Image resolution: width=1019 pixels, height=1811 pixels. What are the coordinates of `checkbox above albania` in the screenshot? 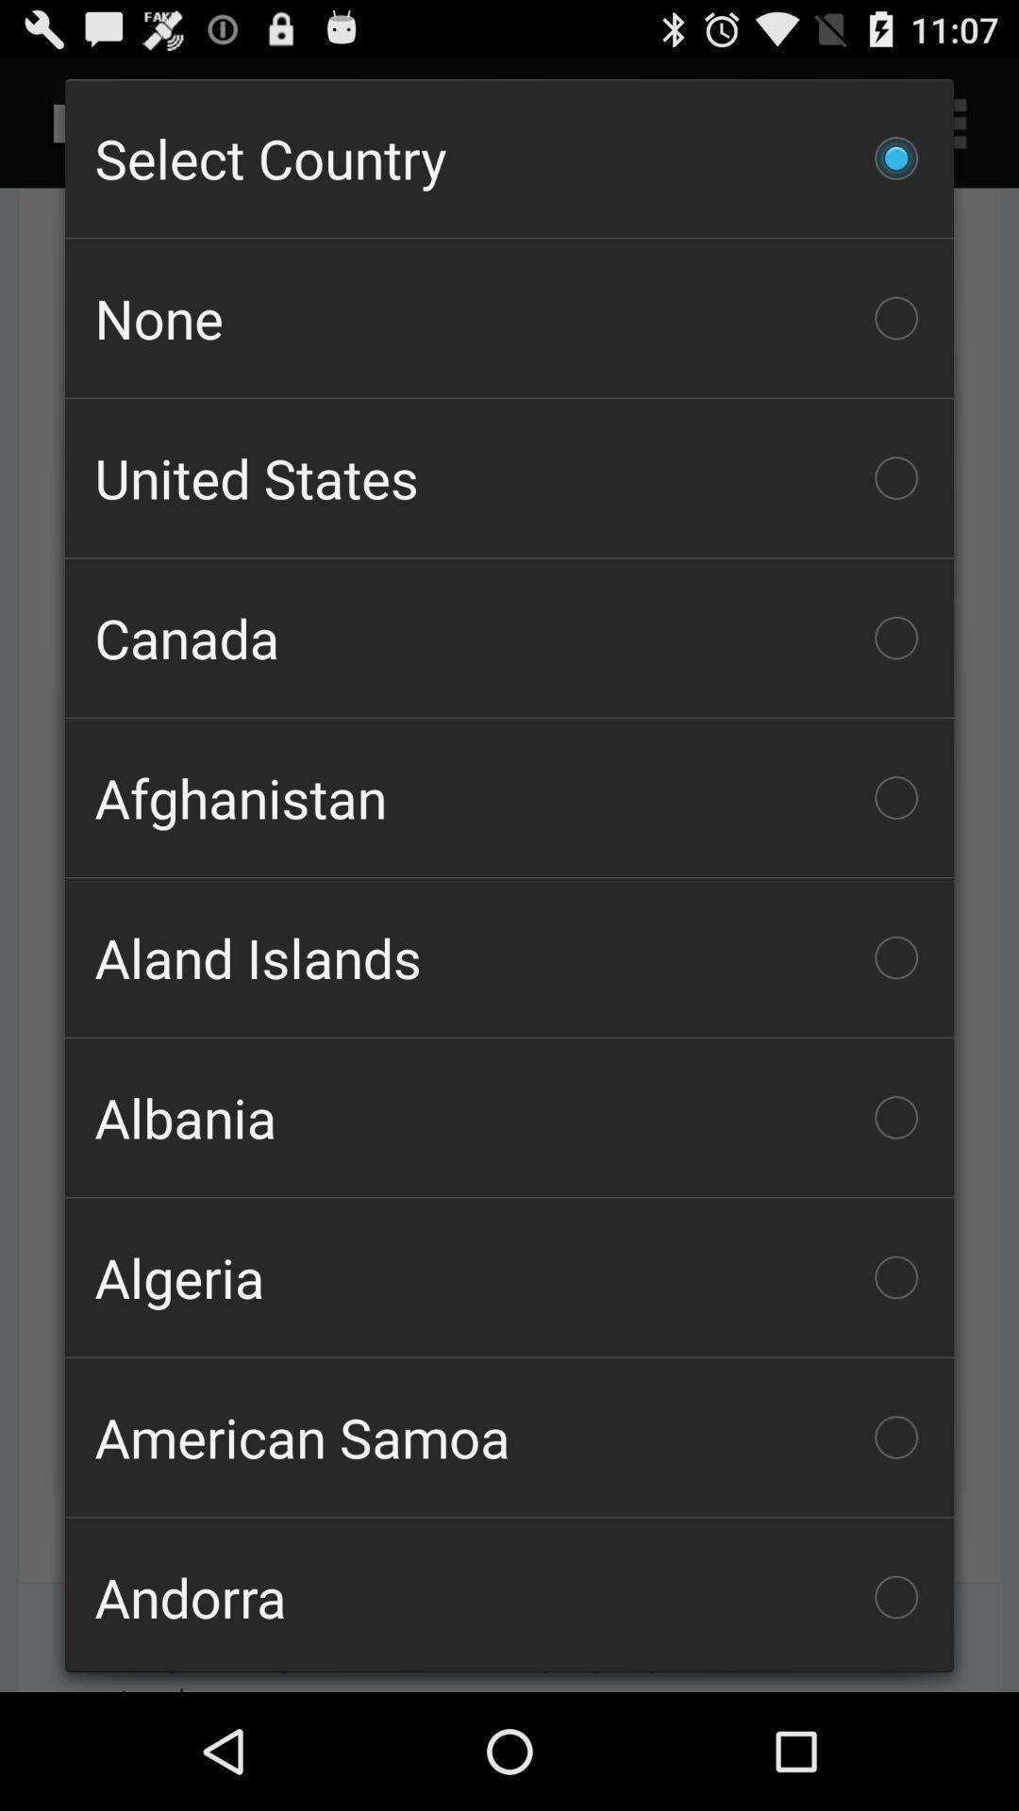 It's located at (509, 957).